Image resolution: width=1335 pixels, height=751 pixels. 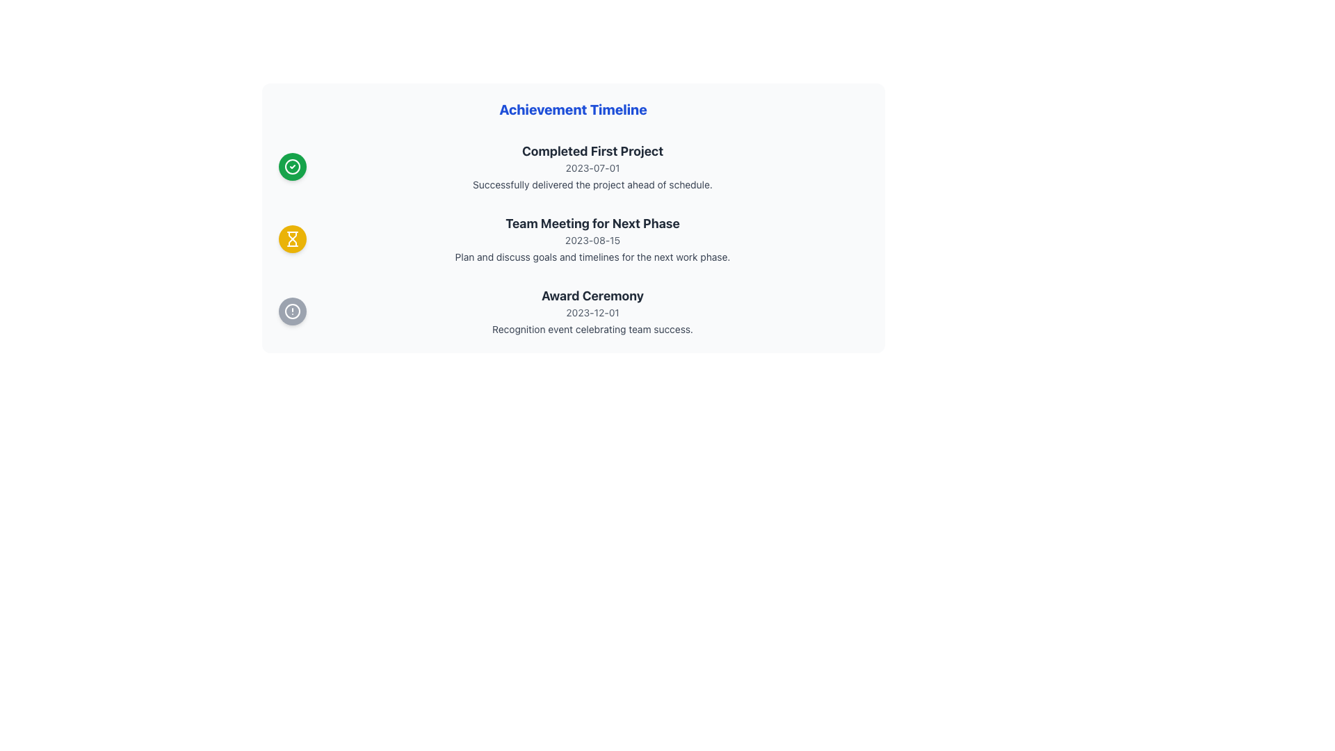 I want to click on the status icon representing the 'Team Meeting for Next Phase' entry in the timeline, located in the second row of the 'Achievement Timeline' card, so click(x=291, y=238).